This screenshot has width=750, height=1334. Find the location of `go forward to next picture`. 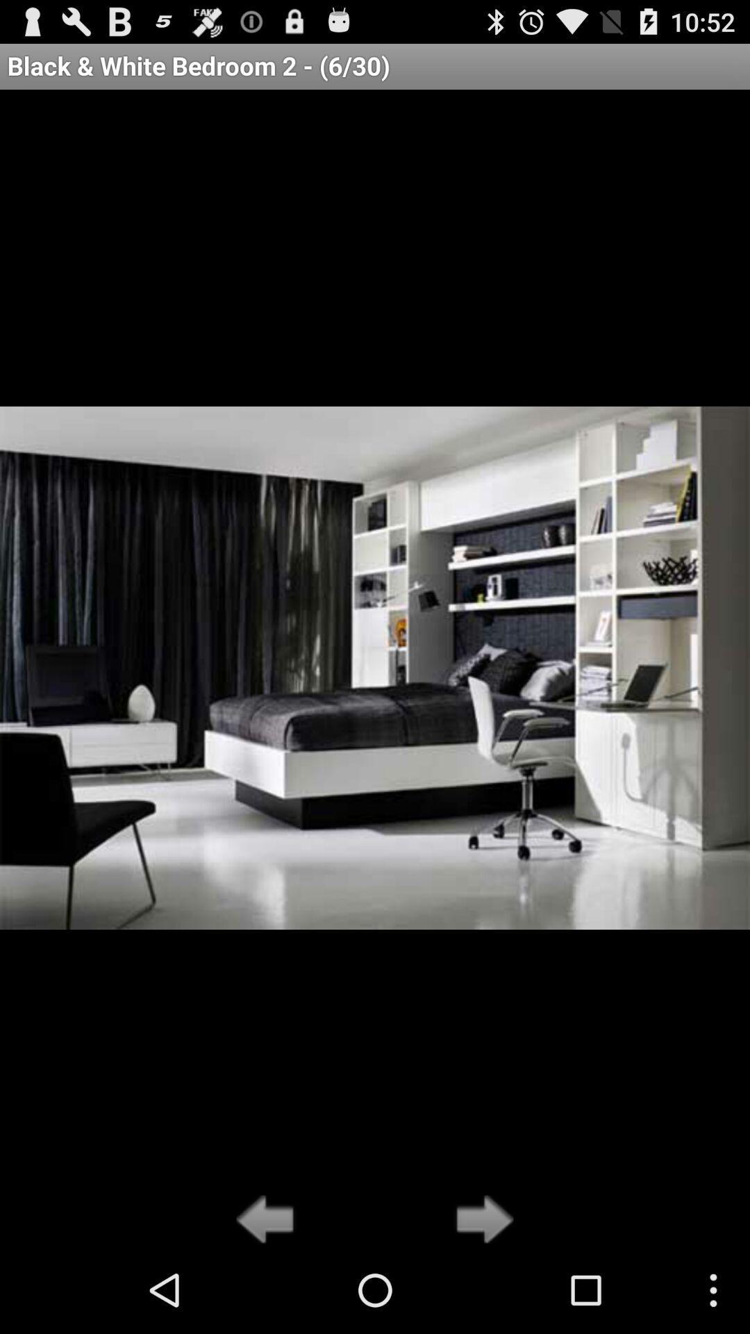

go forward to next picture is located at coordinates (480, 1220).